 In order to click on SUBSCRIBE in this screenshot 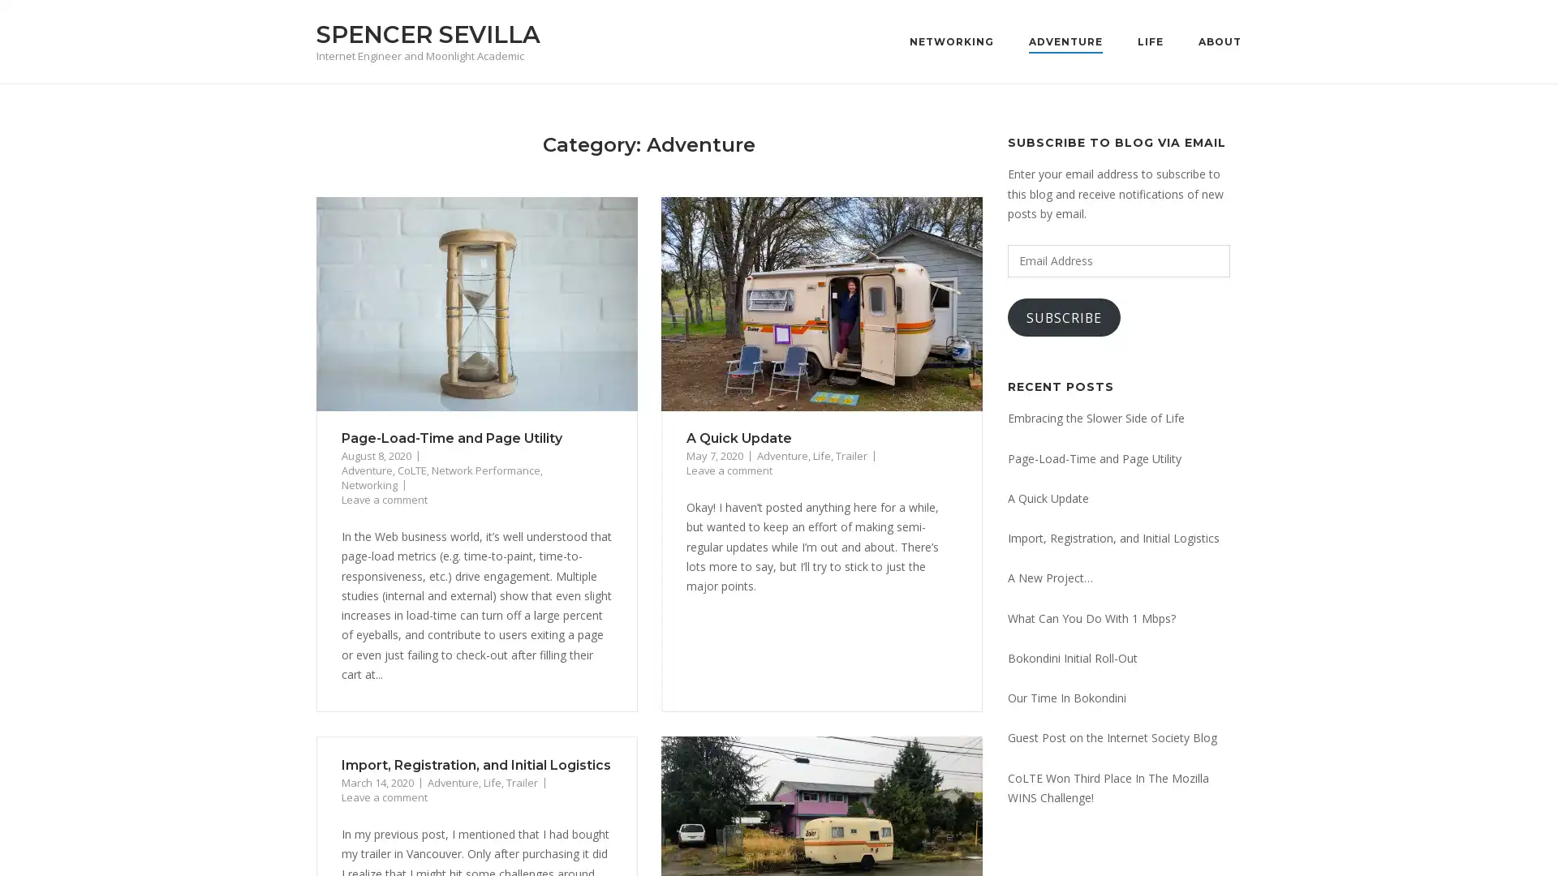, I will do `click(1064, 317)`.